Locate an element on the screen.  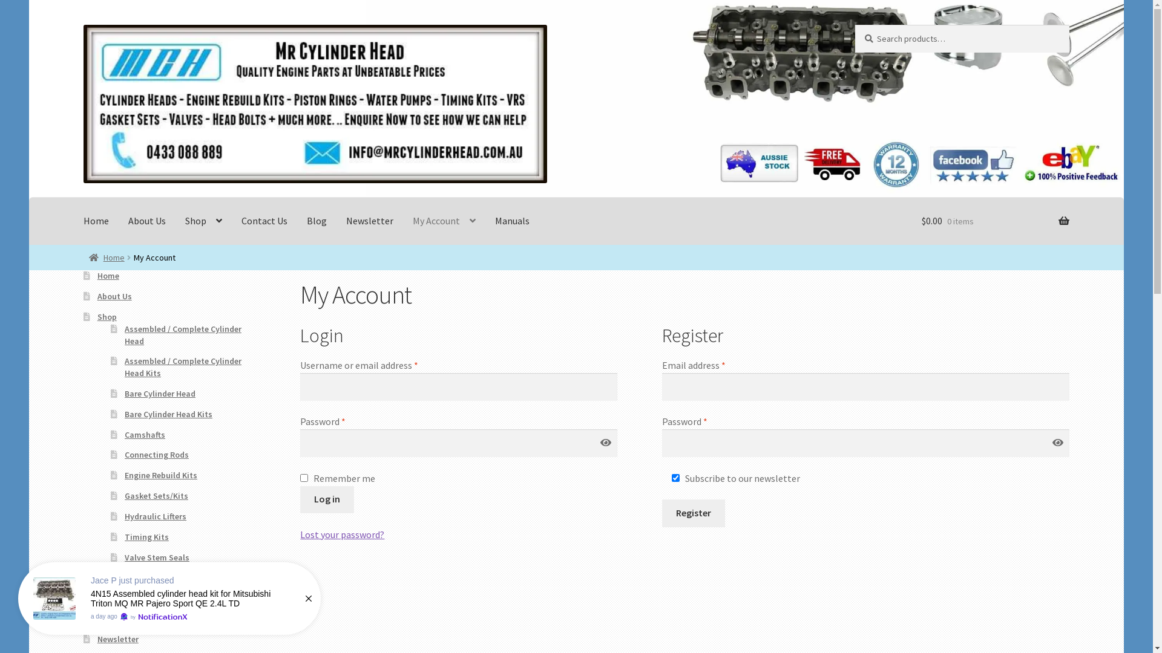
'Connecting Rods' is located at coordinates (156, 455).